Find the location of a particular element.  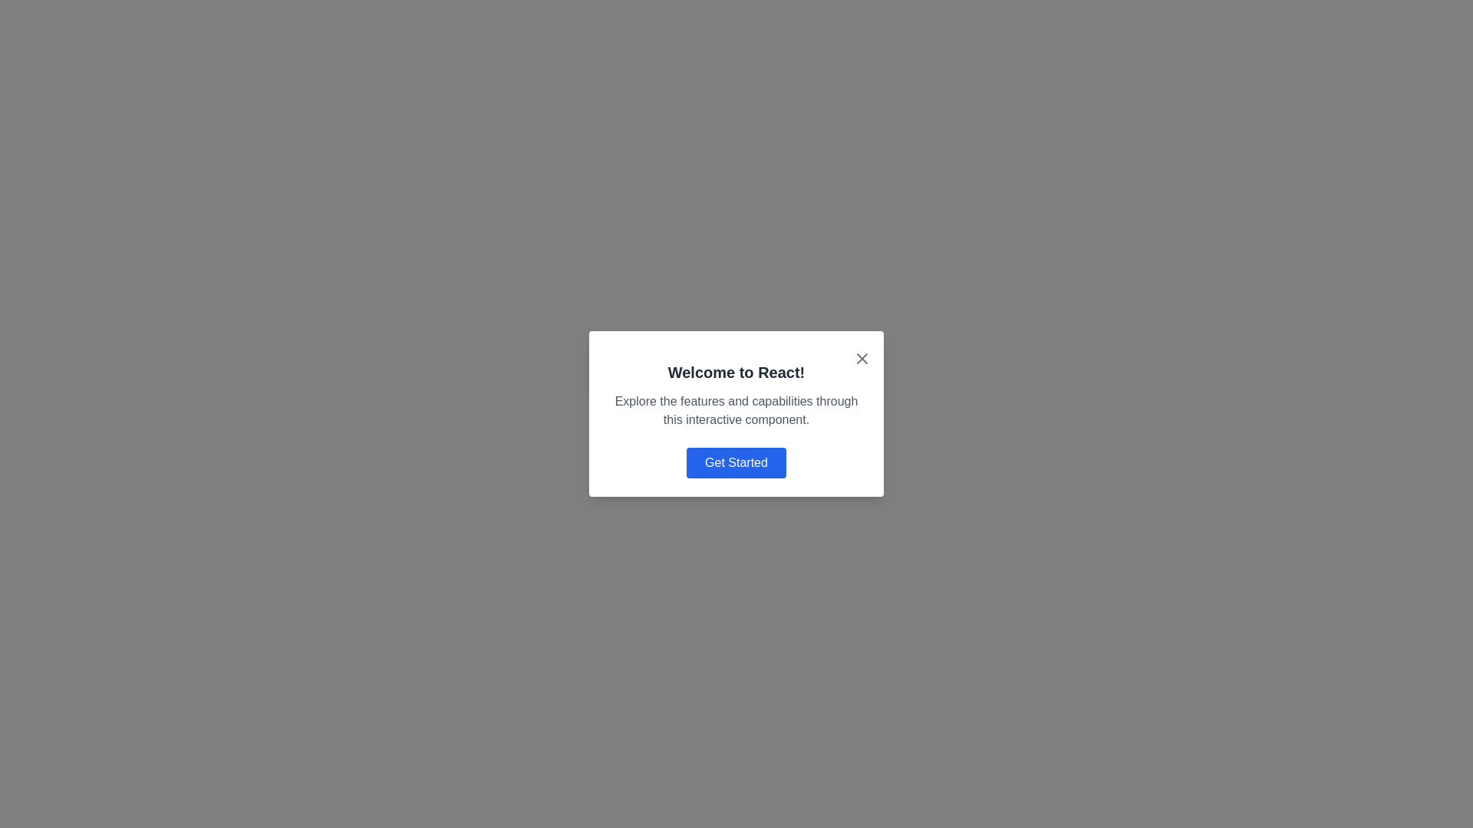

the Text block that provides descriptive information or instructions about the surrounding content, positioned beneath the heading 'Welcome to React!' and above the 'Get Started' button is located at coordinates (736, 410).